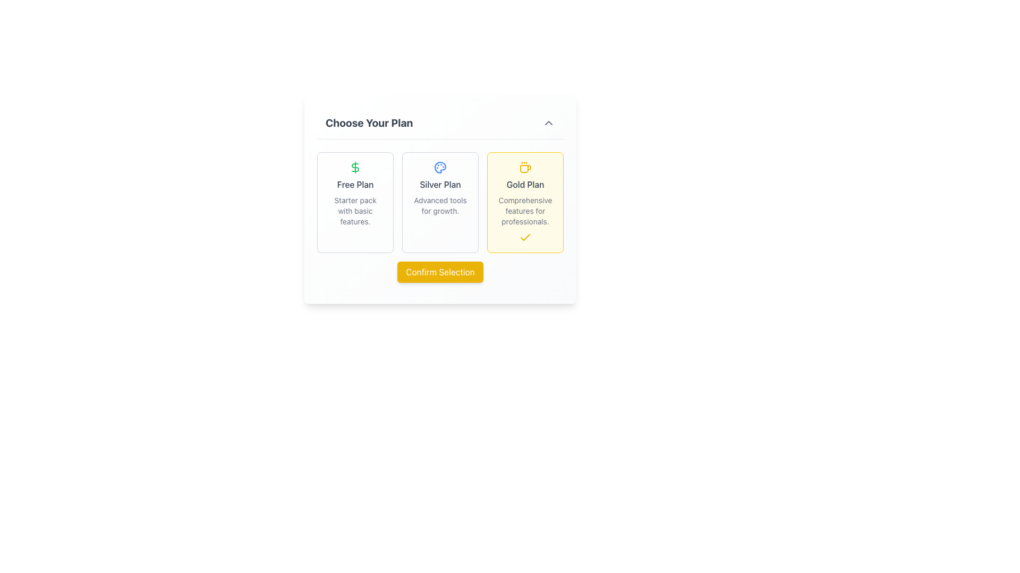 This screenshot has height=573, width=1020. Describe the element at coordinates (548, 122) in the screenshot. I see `the dropdown toggle icon located inside the 'Choose Your Plan' section` at that location.